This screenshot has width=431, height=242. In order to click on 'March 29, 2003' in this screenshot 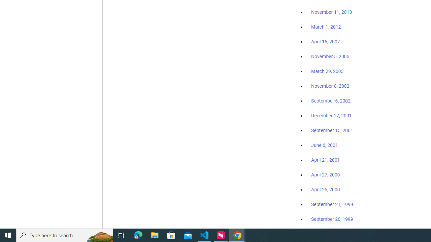, I will do `click(327, 71)`.